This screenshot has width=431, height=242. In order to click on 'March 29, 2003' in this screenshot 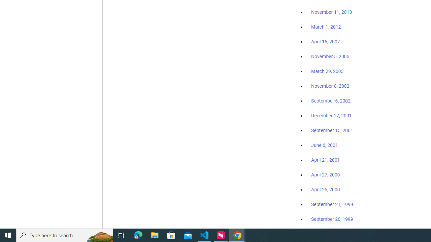, I will do `click(327, 71)`.